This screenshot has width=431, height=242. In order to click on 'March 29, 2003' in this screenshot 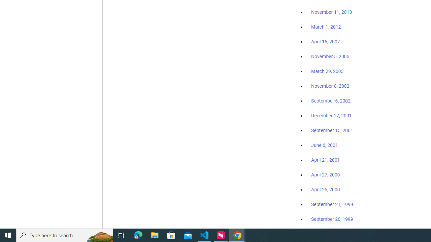, I will do `click(327, 71)`.